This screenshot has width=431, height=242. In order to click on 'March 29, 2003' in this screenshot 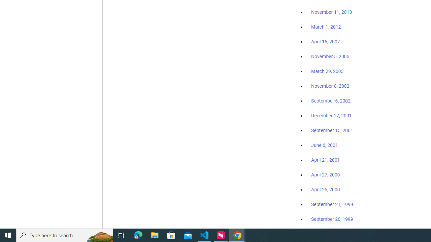, I will do `click(327, 71)`.